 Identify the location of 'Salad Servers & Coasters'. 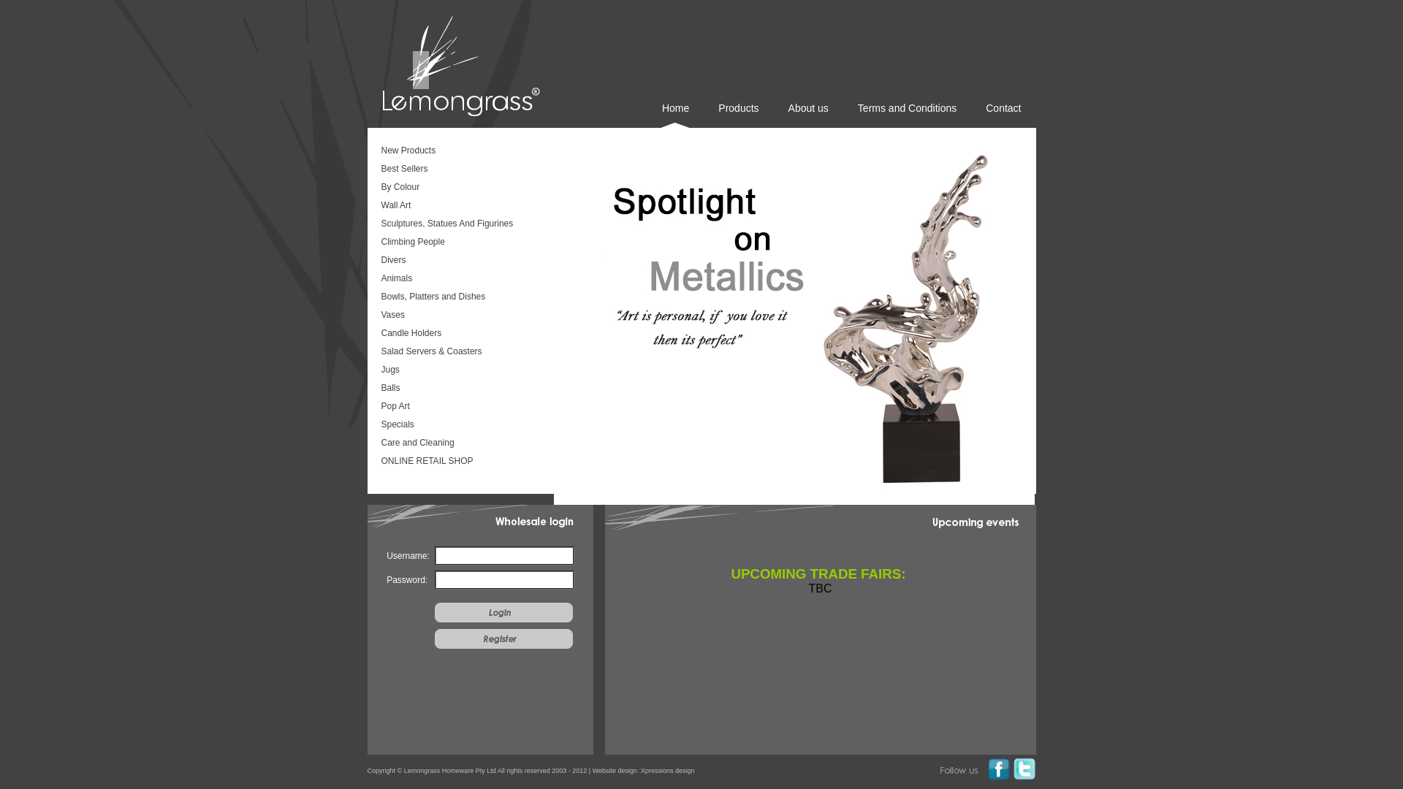
(458, 352).